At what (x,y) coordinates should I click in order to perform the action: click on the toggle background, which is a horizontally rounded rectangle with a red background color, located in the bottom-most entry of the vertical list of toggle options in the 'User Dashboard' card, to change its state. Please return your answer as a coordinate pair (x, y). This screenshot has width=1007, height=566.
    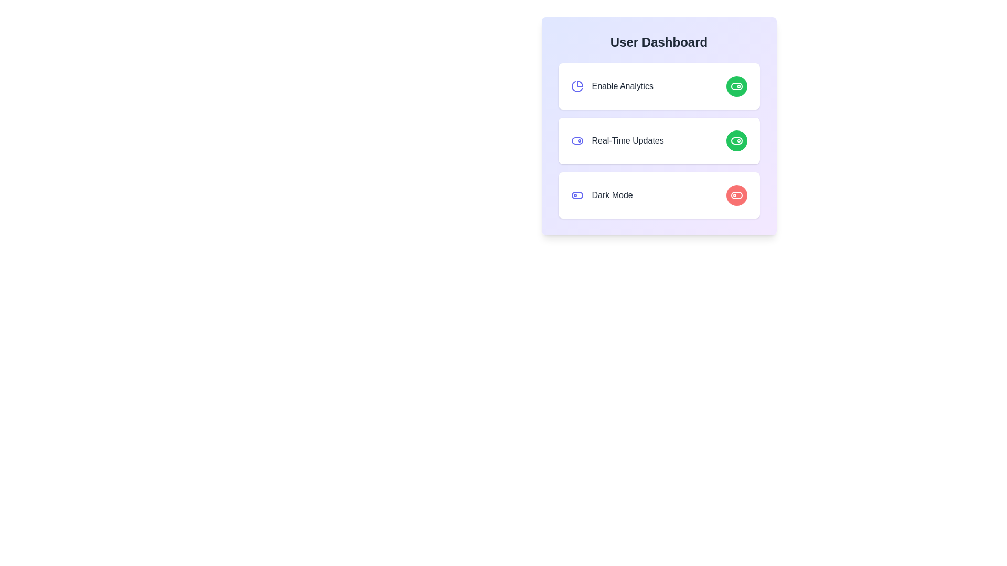
    Looking at the image, I should click on (736, 195).